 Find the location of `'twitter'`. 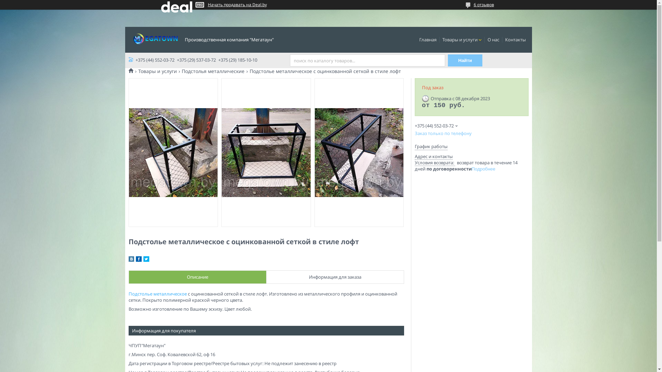

'twitter' is located at coordinates (146, 260).